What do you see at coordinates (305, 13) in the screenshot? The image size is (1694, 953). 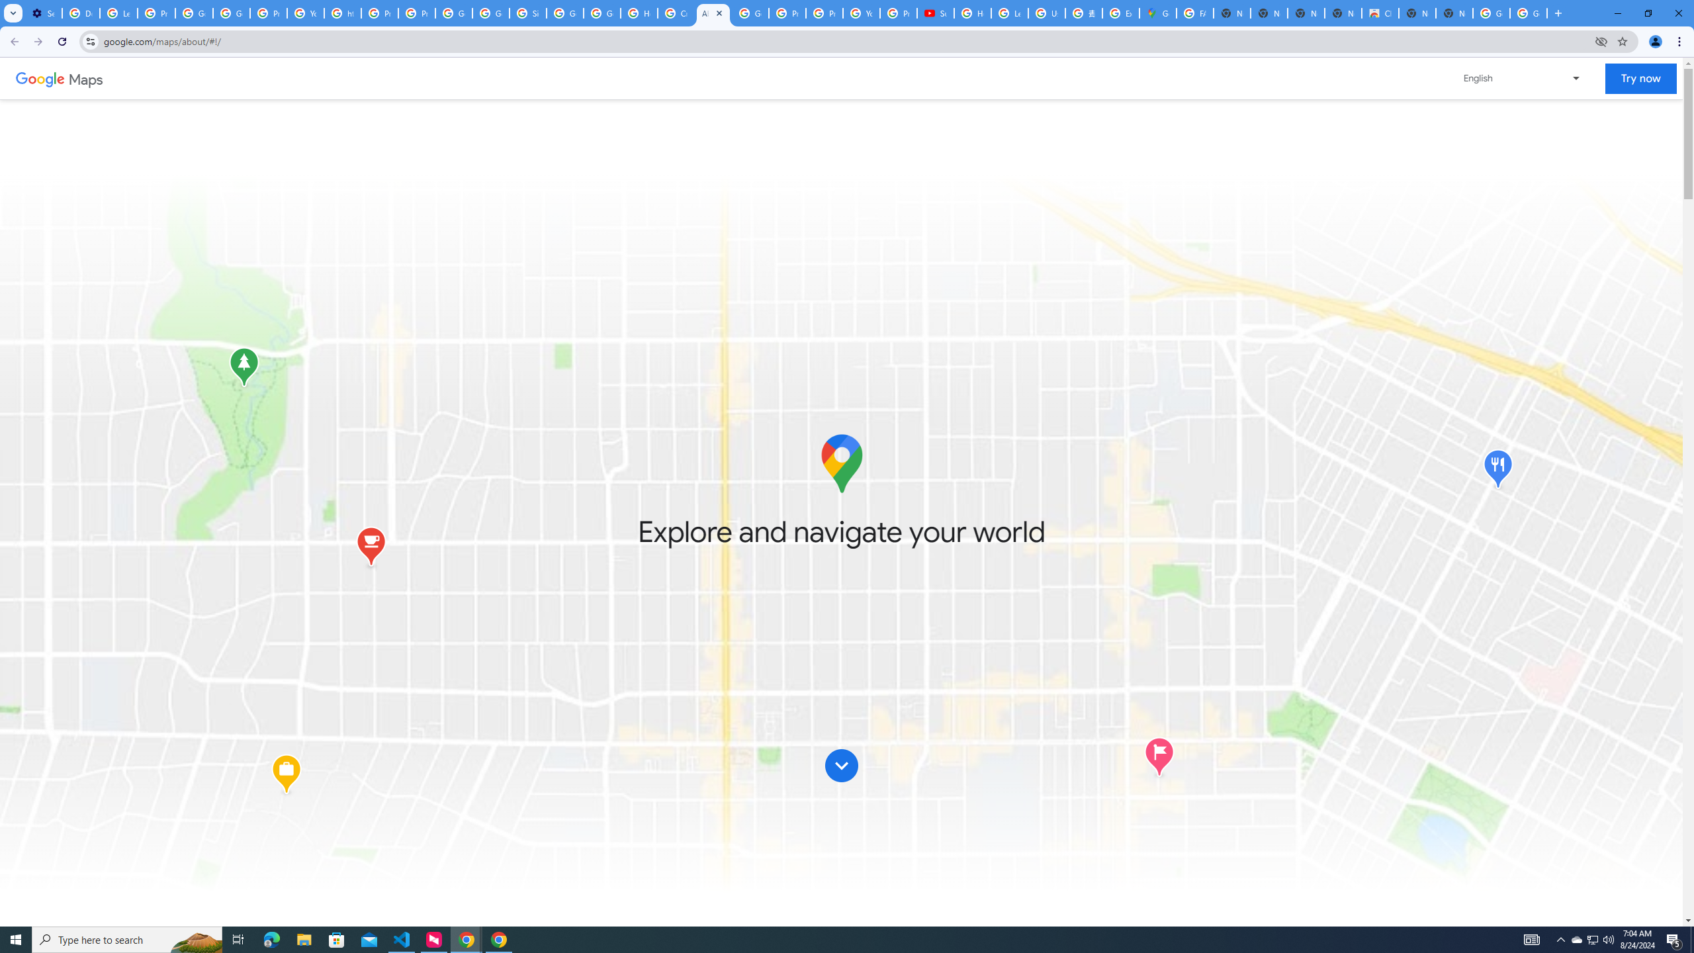 I see `'YouTube'` at bounding box center [305, 13].